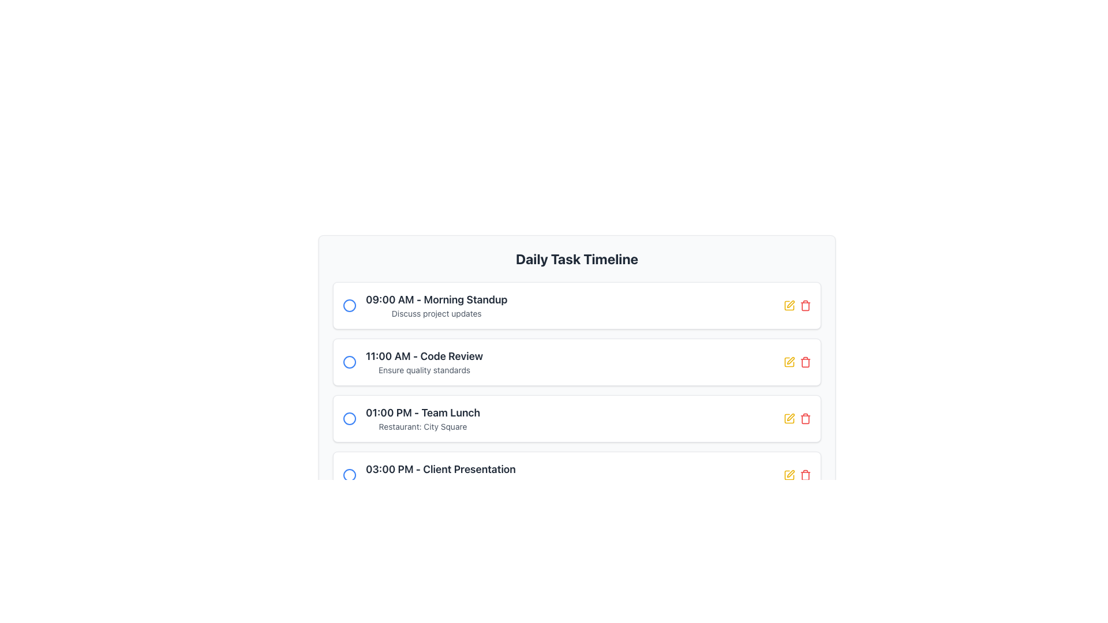 This screenshot has width=1108, height=623. Describe the element at coordinates (436, 299) in the screenshot. I see `the Text Label that displays the time and title of the first task in the Daily Task Timeline, positioned at the top of the first item in the vertical list` at that location.